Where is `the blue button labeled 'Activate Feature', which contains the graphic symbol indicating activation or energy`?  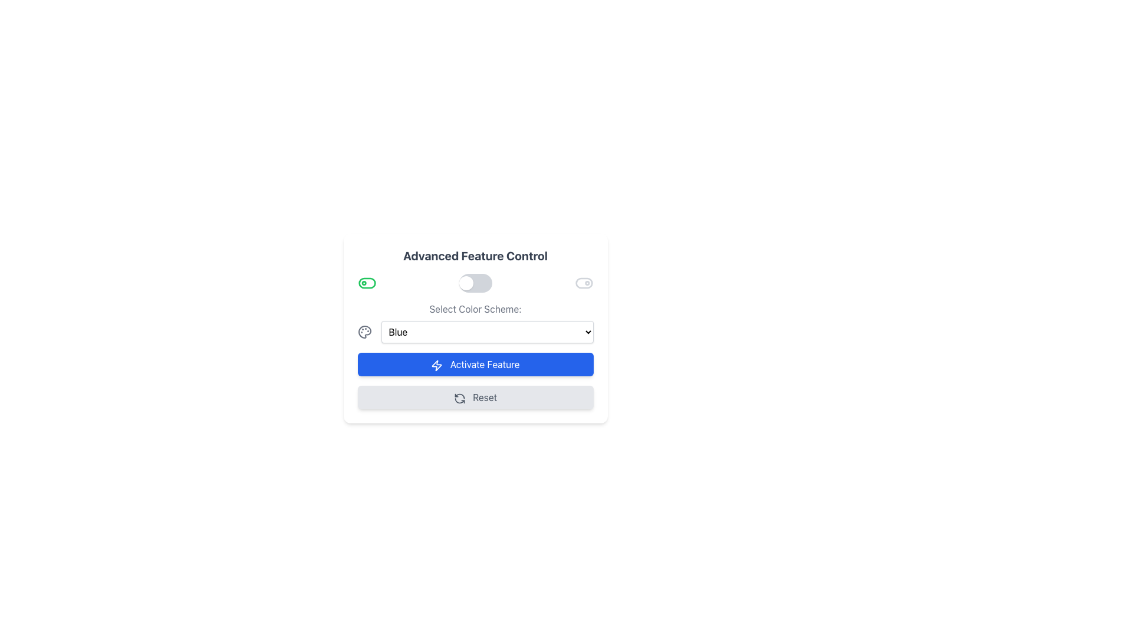 the blue button labeled 'Activate Feature', which contains the graphic symbol indicating activation or energy is located at coordinates (436, 365).